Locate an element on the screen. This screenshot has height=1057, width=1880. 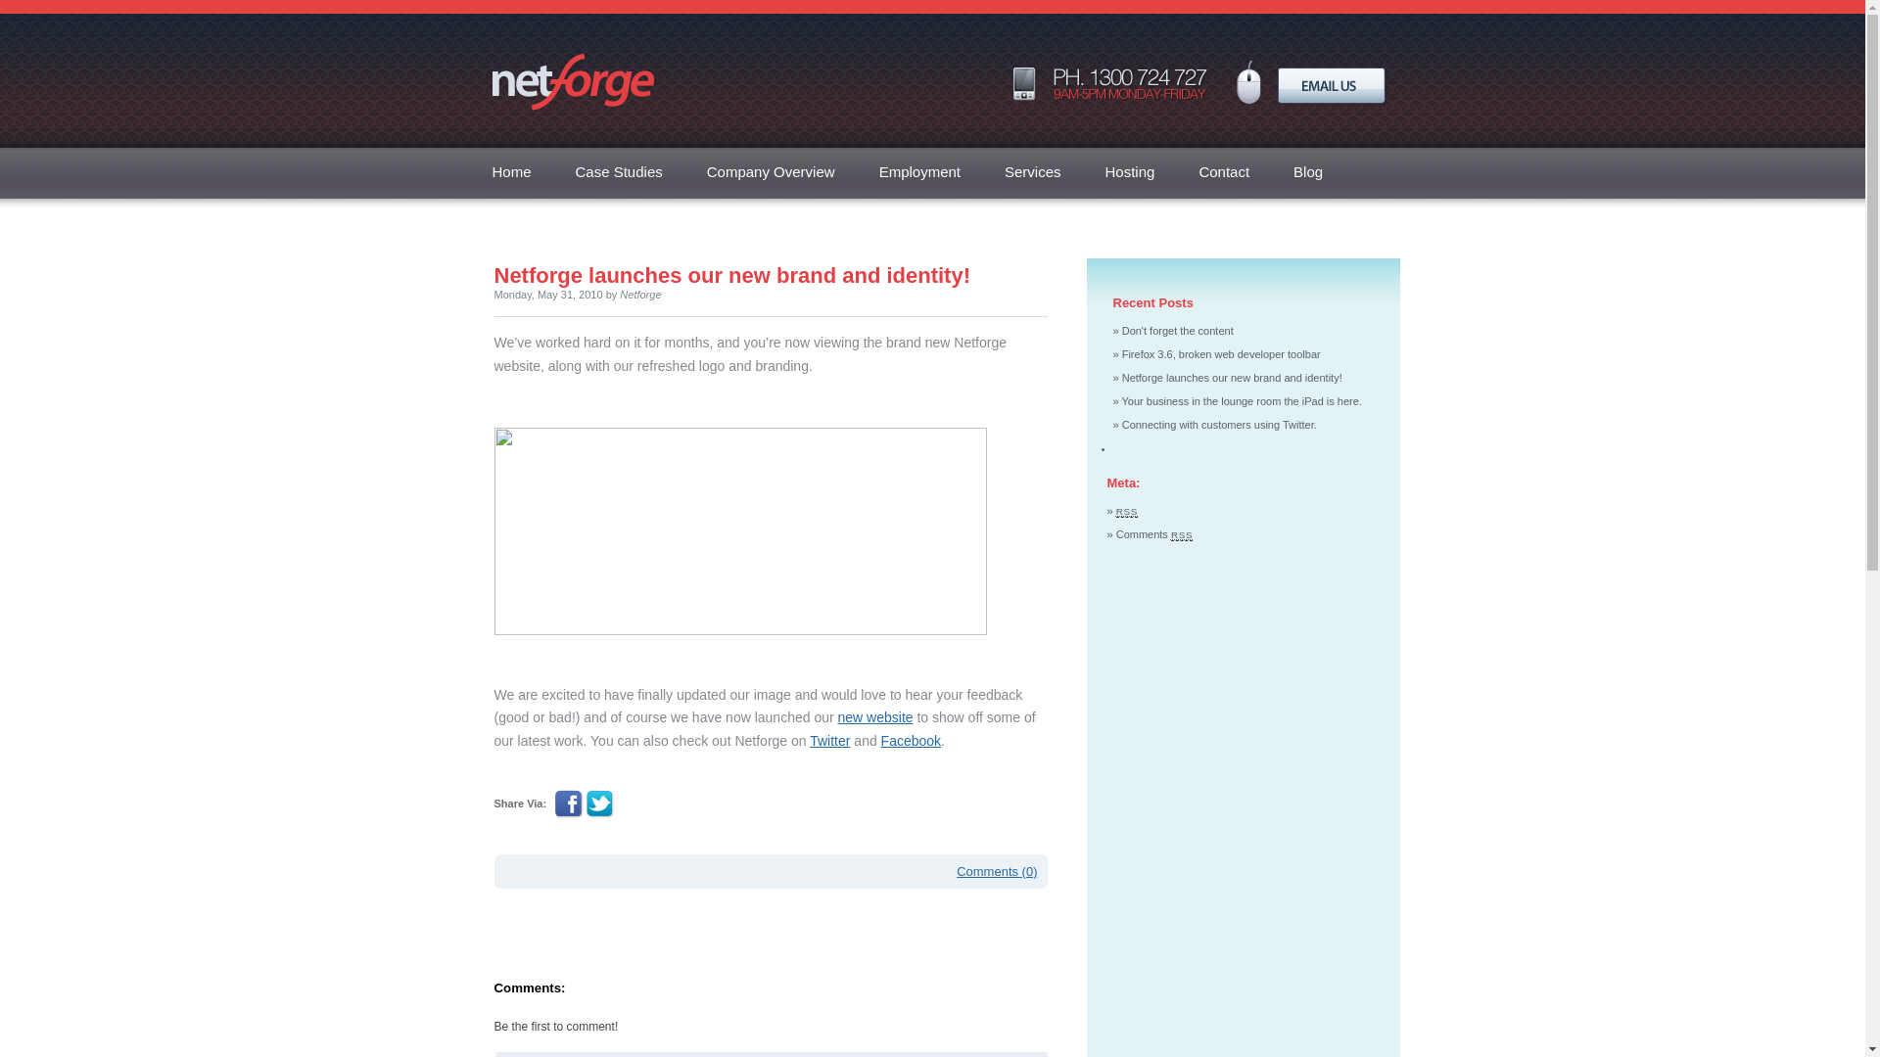
'Firefox 3.6, broken web developer toolbar' is located at coordinates (1220, 354).